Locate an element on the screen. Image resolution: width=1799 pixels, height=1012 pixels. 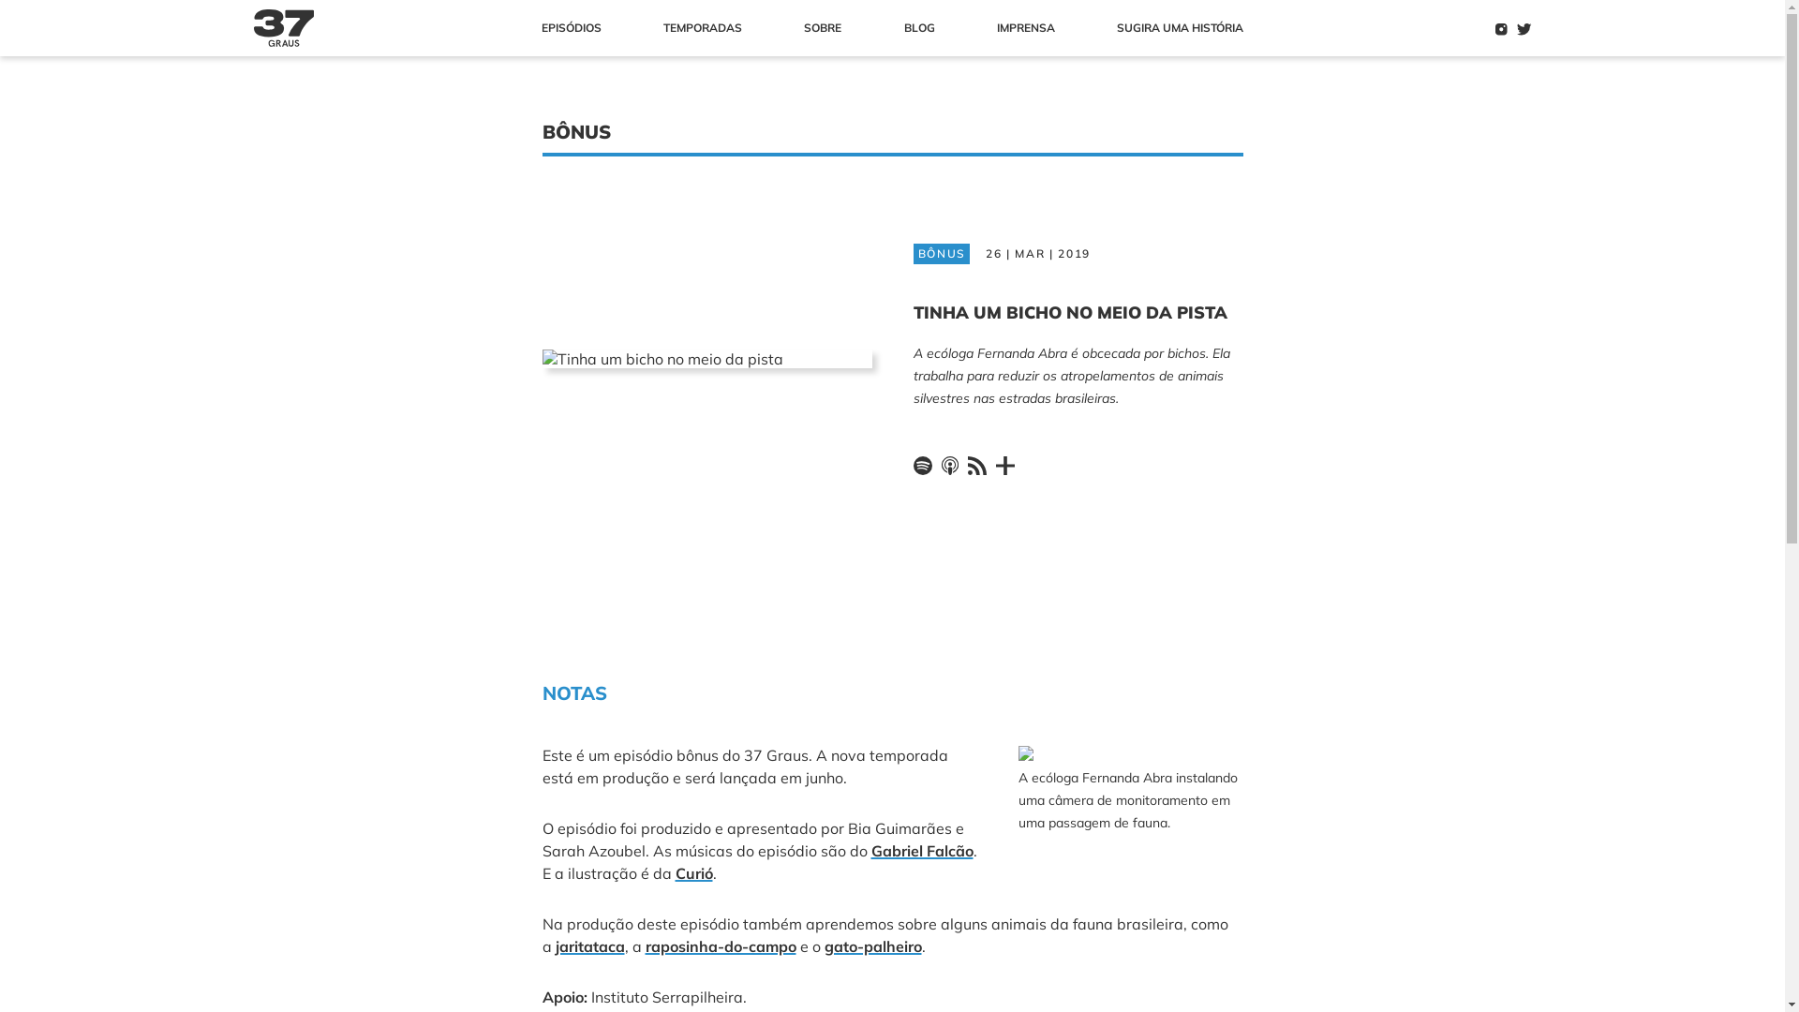
'Feed RSS' is located at coordinates (980, 464).